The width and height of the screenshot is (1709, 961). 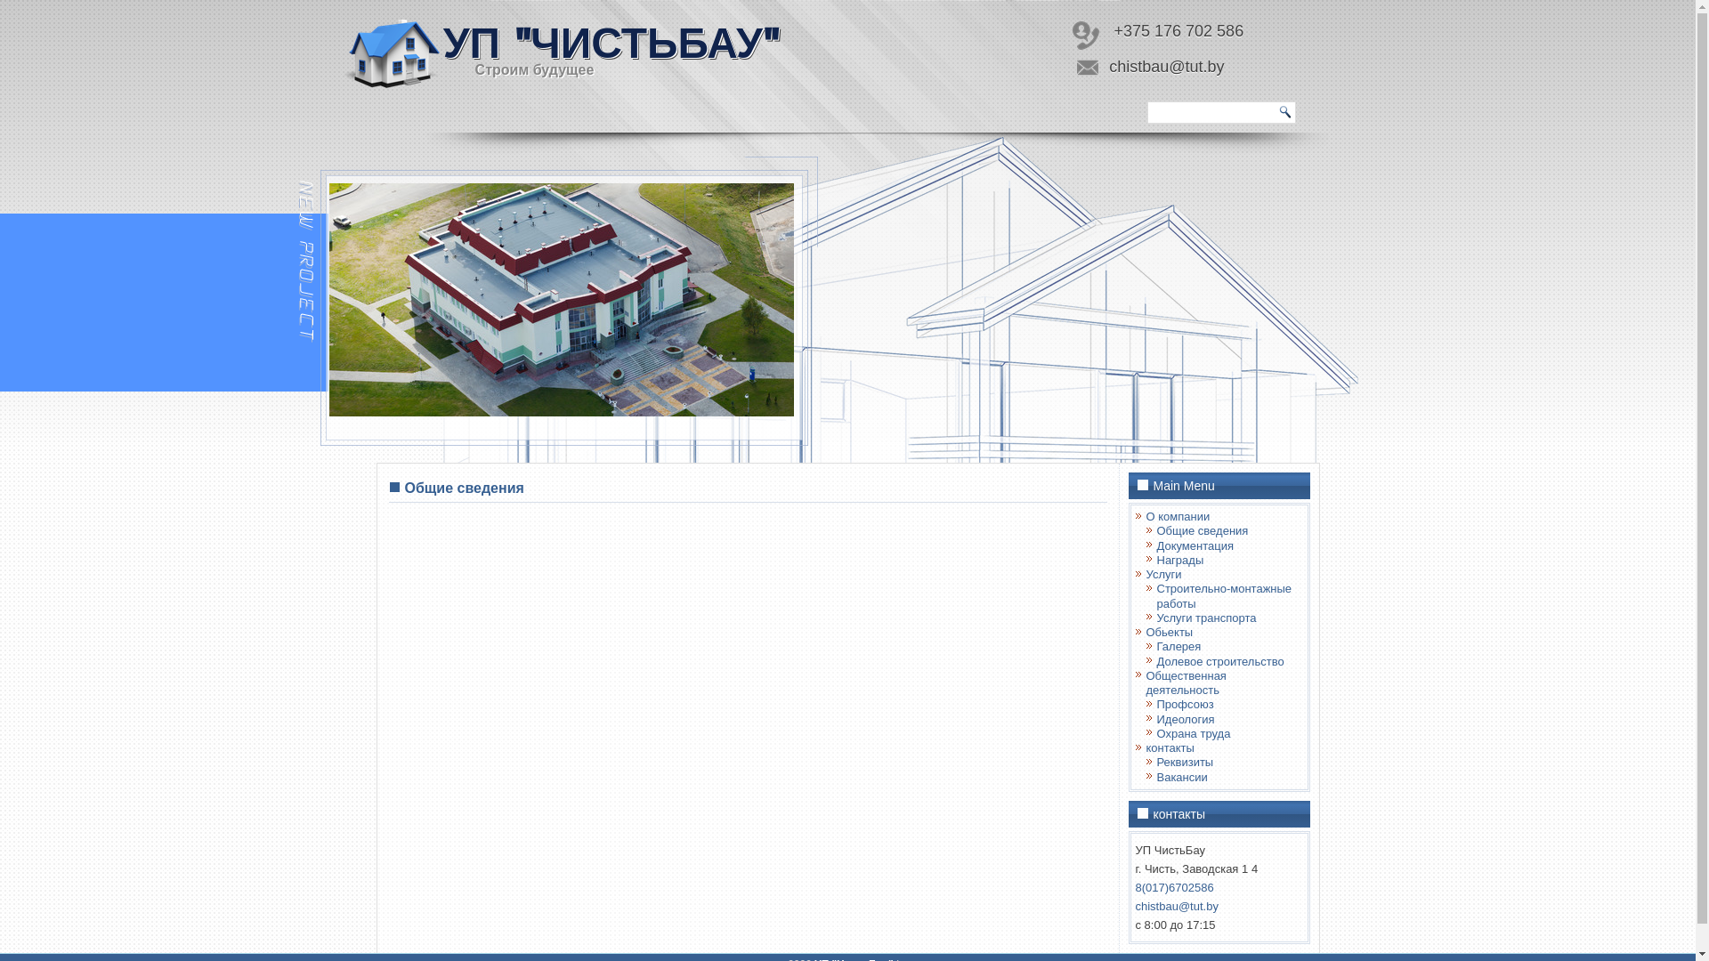 I want to click on '8(017)6702586', so click(x=1175, y=887).